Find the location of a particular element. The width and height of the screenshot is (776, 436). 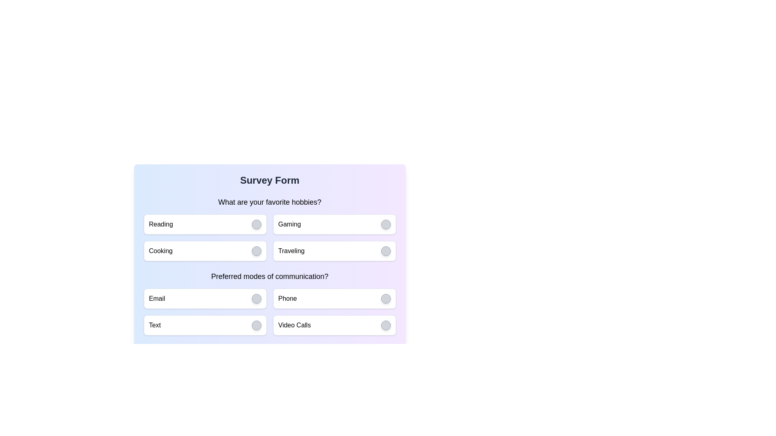

'Phone' text label which is displayed in black on a white background, positioned to the right of the 'Preferred modes of communication?' section and left of a circular interactive button is located at coordinates (287, 299).